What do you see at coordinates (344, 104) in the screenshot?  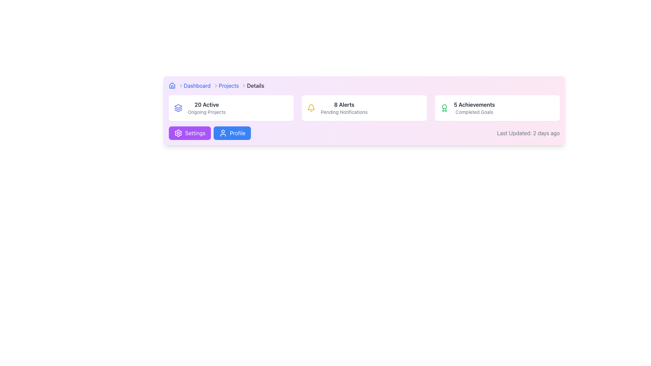 I see `the informational text label indicating the number of alerts, located in the middle-right section of the interface, above the 'Pending Notifications' text, and aligned near the bell icon` at bounding box center [344, 104].